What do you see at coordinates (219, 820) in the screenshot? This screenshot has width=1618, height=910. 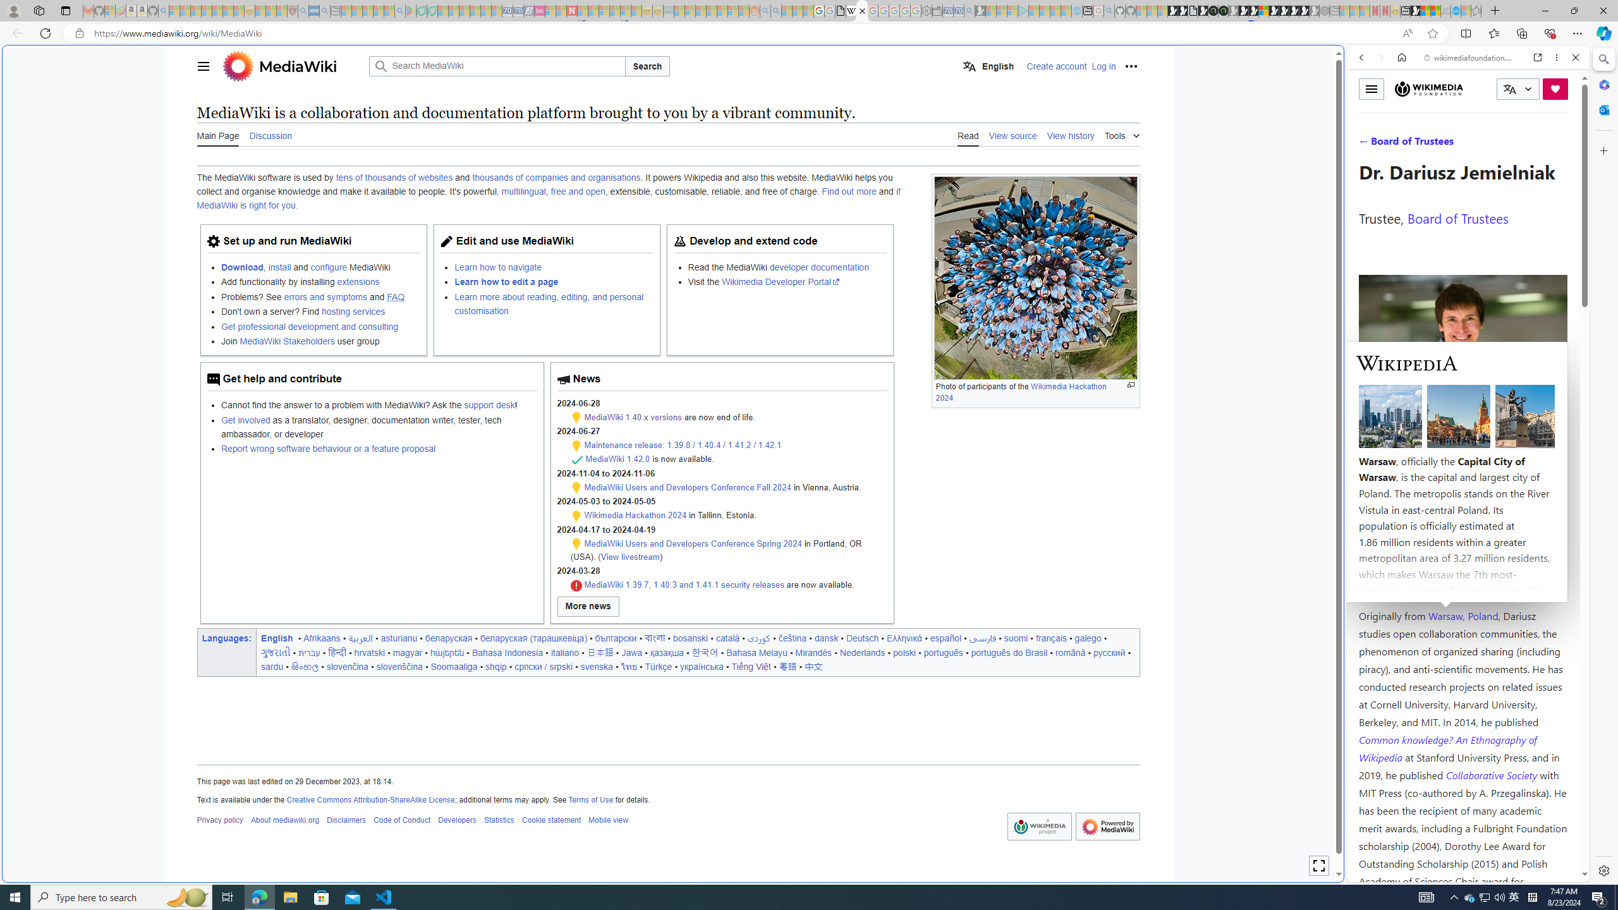 I see `'Privacy policy'` at bounding box center [219, 820].